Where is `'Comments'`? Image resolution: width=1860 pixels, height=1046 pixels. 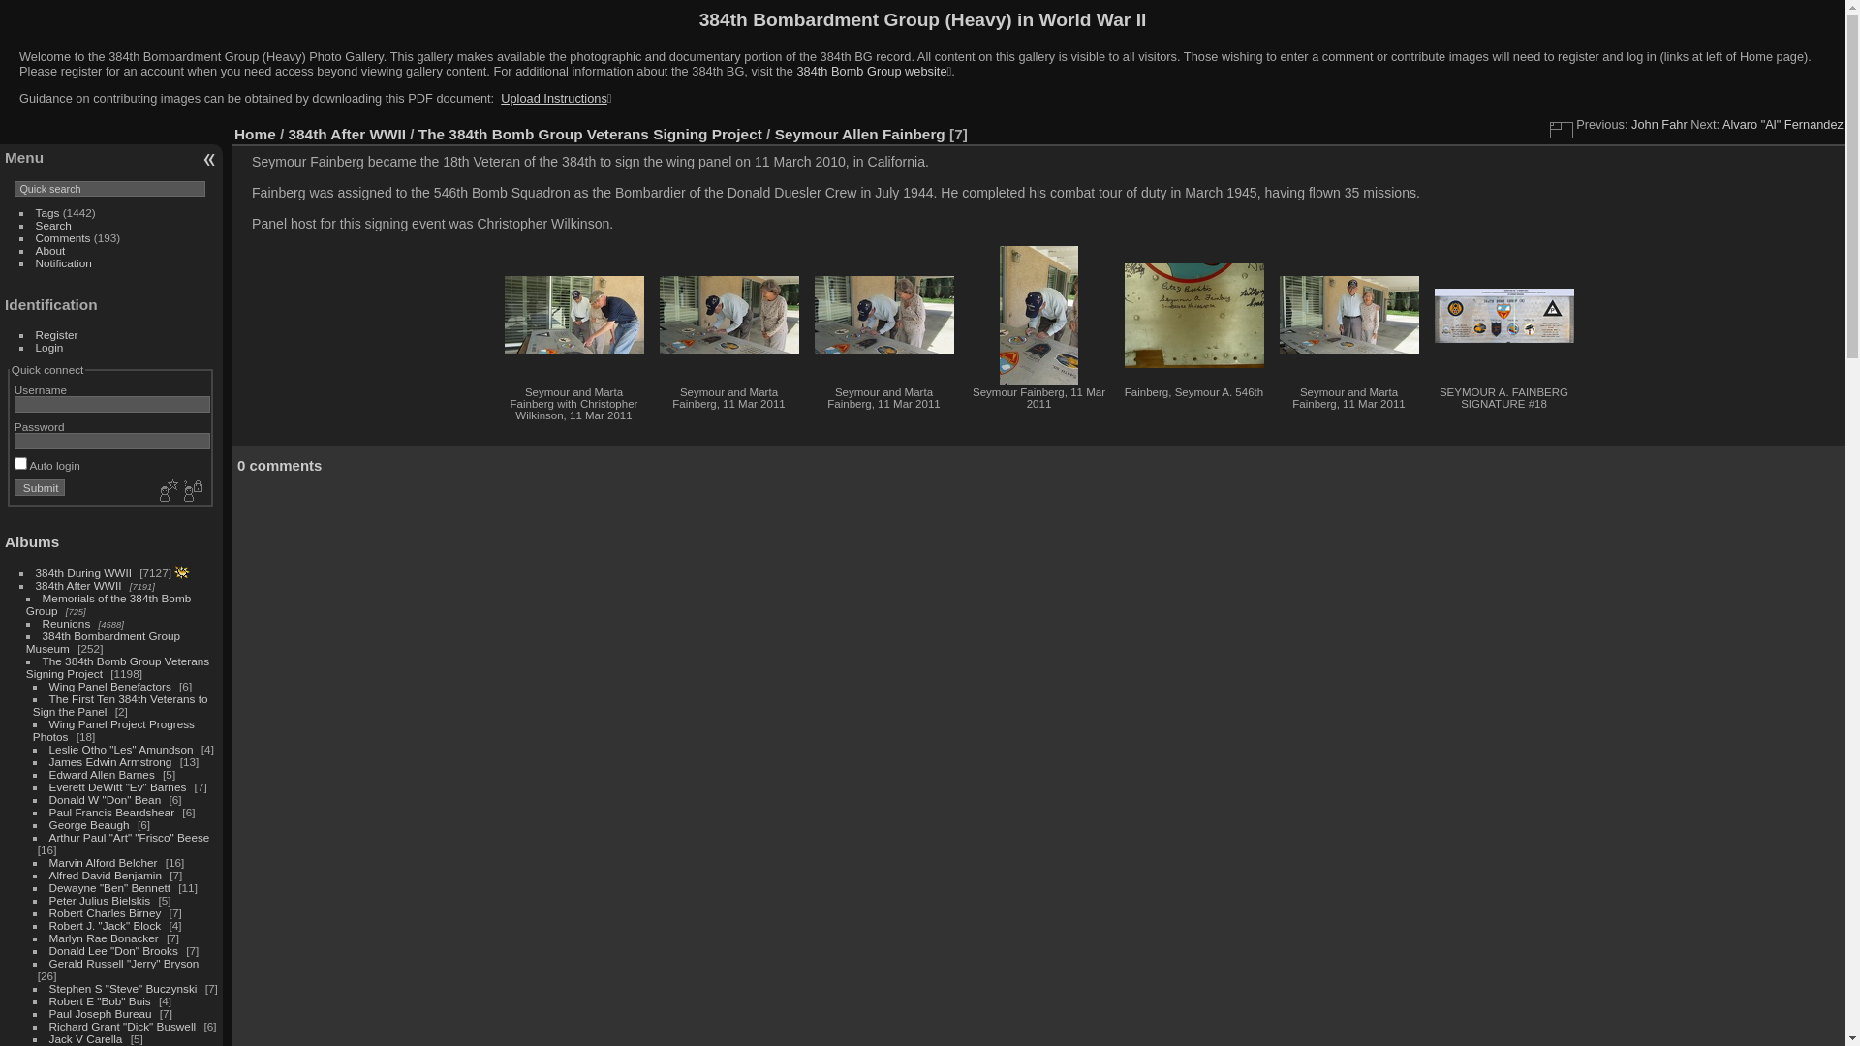 'Comments' is located at coordinates (63, 236).